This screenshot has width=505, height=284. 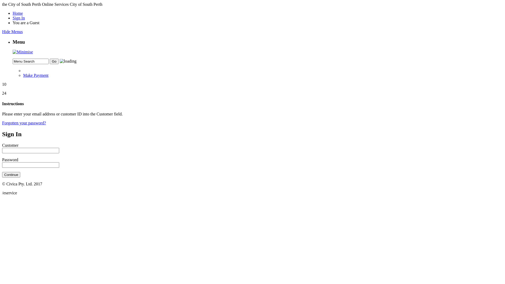 I want to click on 'Sign In', so click(x=13, y=18).